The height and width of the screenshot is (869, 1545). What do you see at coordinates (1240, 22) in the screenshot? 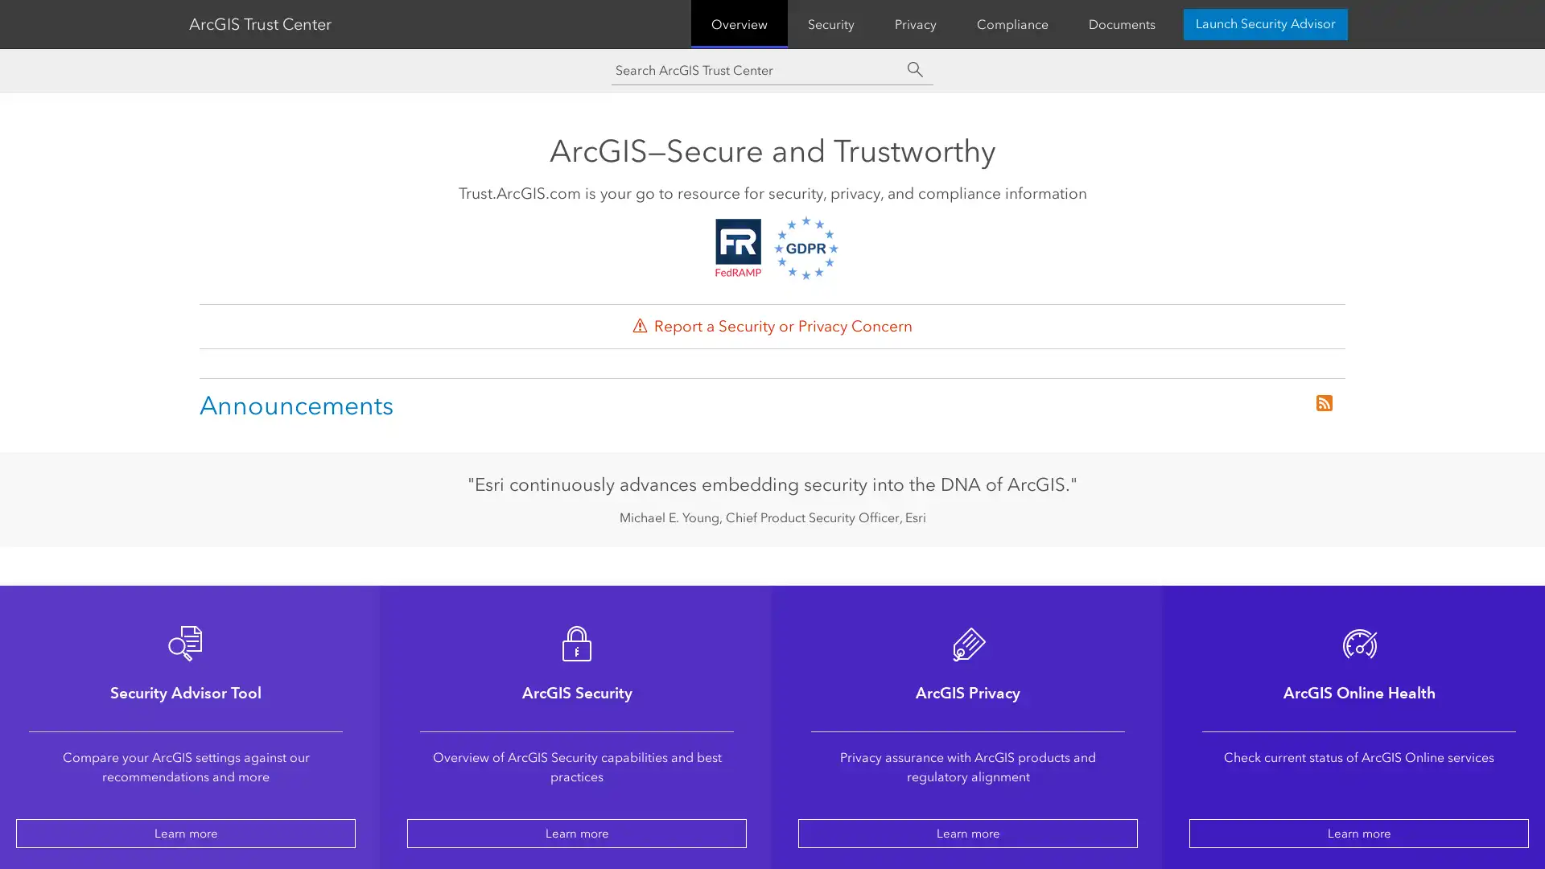
I see `Search` at bounding box center [1240, 22].